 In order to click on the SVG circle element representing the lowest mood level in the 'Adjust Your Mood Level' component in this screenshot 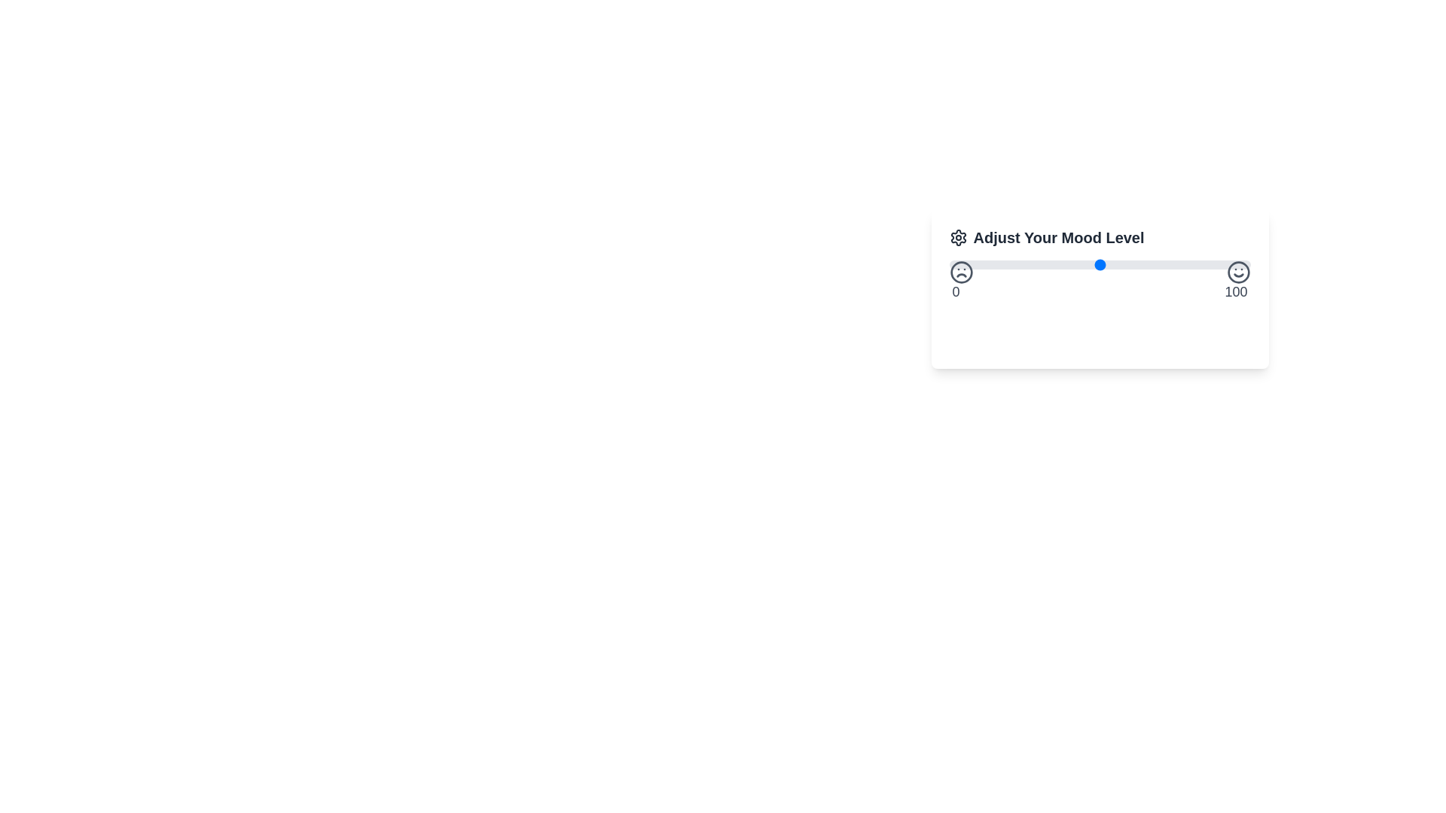, I will do `click(960, 273)`.